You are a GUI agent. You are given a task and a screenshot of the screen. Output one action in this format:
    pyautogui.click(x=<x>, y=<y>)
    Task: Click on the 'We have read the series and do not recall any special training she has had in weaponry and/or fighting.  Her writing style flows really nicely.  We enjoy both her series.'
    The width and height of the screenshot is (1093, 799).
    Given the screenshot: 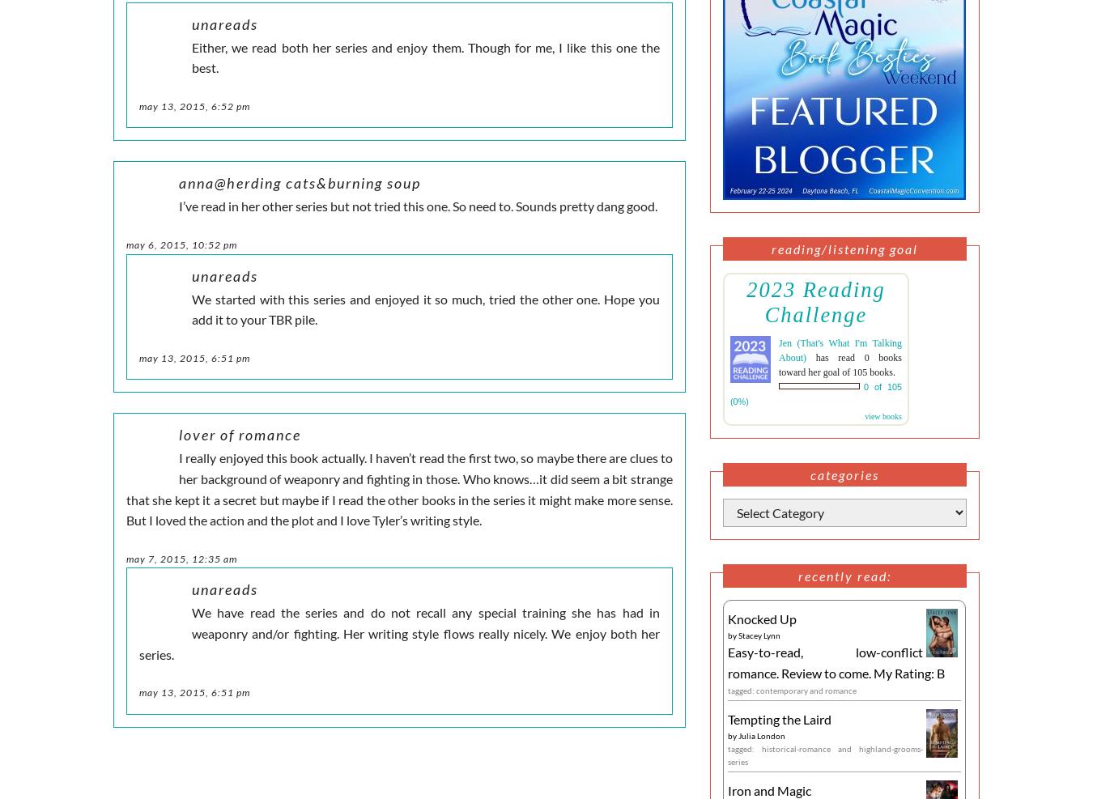 What is the action you would take?
    pyautogui.click(x=398, y=633)
    